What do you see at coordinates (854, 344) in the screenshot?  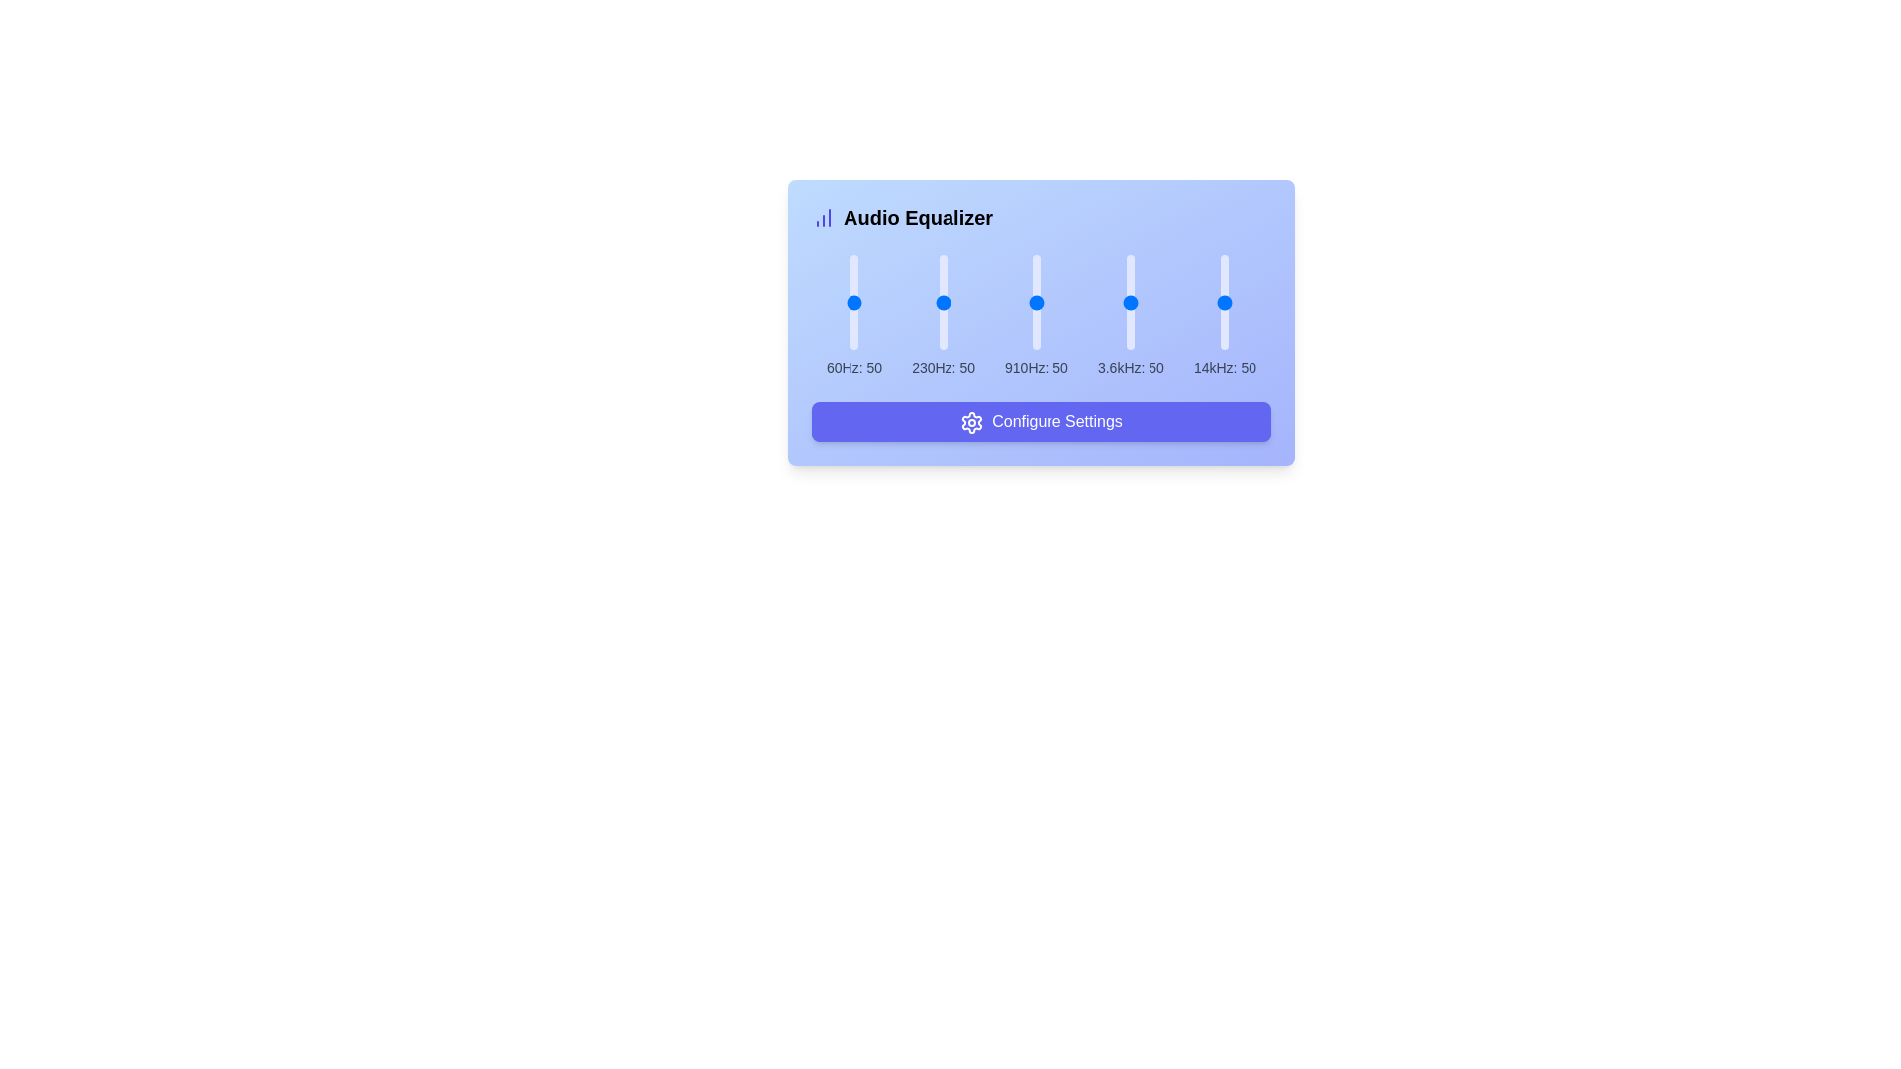 I see `the 60Hz frequency slider` at bounding box center [854, 344].